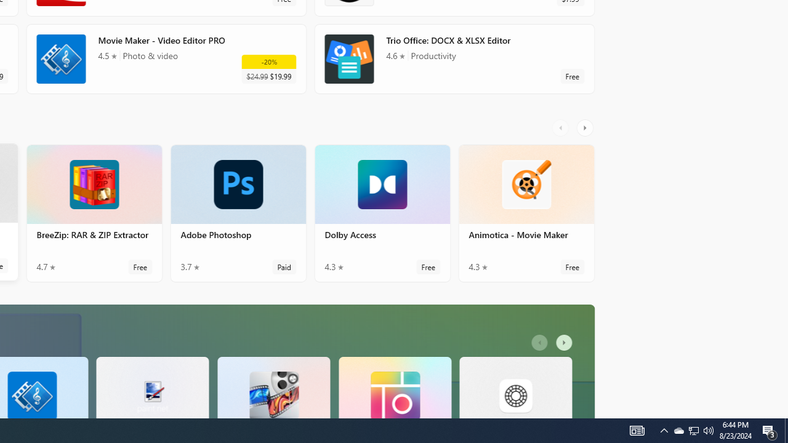  I want to click on 'Vertical Small Increase', so click(782, 413).